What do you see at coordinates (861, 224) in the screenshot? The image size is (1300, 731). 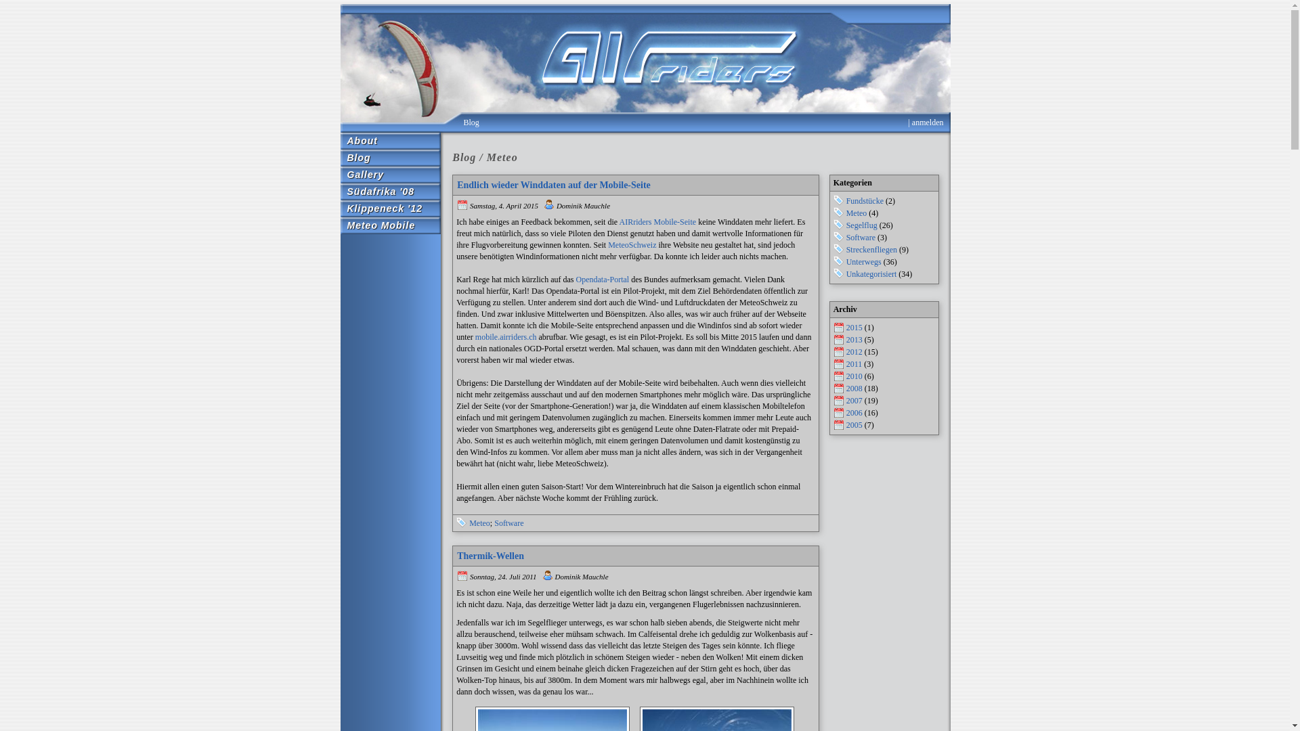 I see `'Segelflug'` at bounding box center [861, 224].